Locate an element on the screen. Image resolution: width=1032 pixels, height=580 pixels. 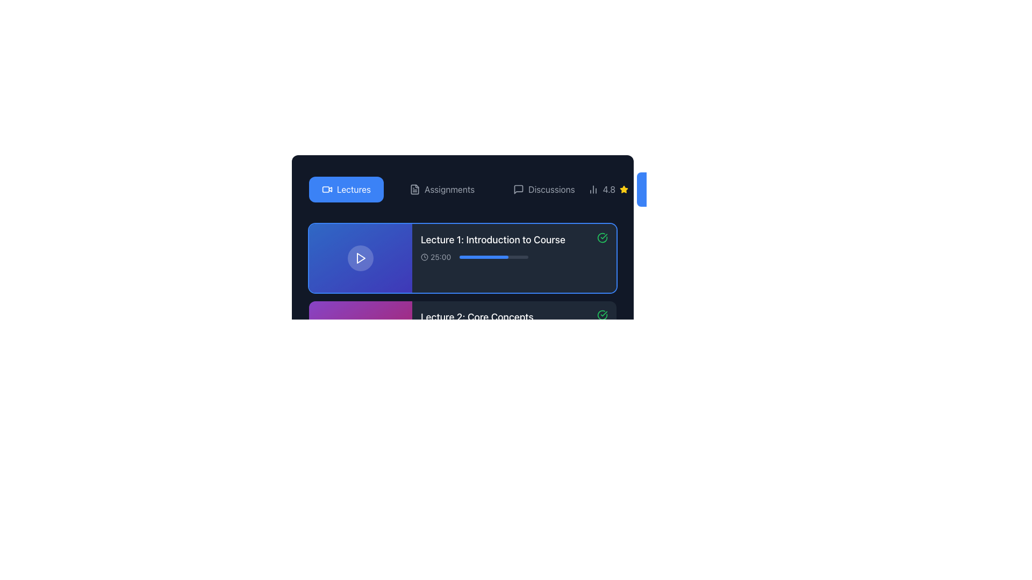
the slider is located at coordinates (515, 257).